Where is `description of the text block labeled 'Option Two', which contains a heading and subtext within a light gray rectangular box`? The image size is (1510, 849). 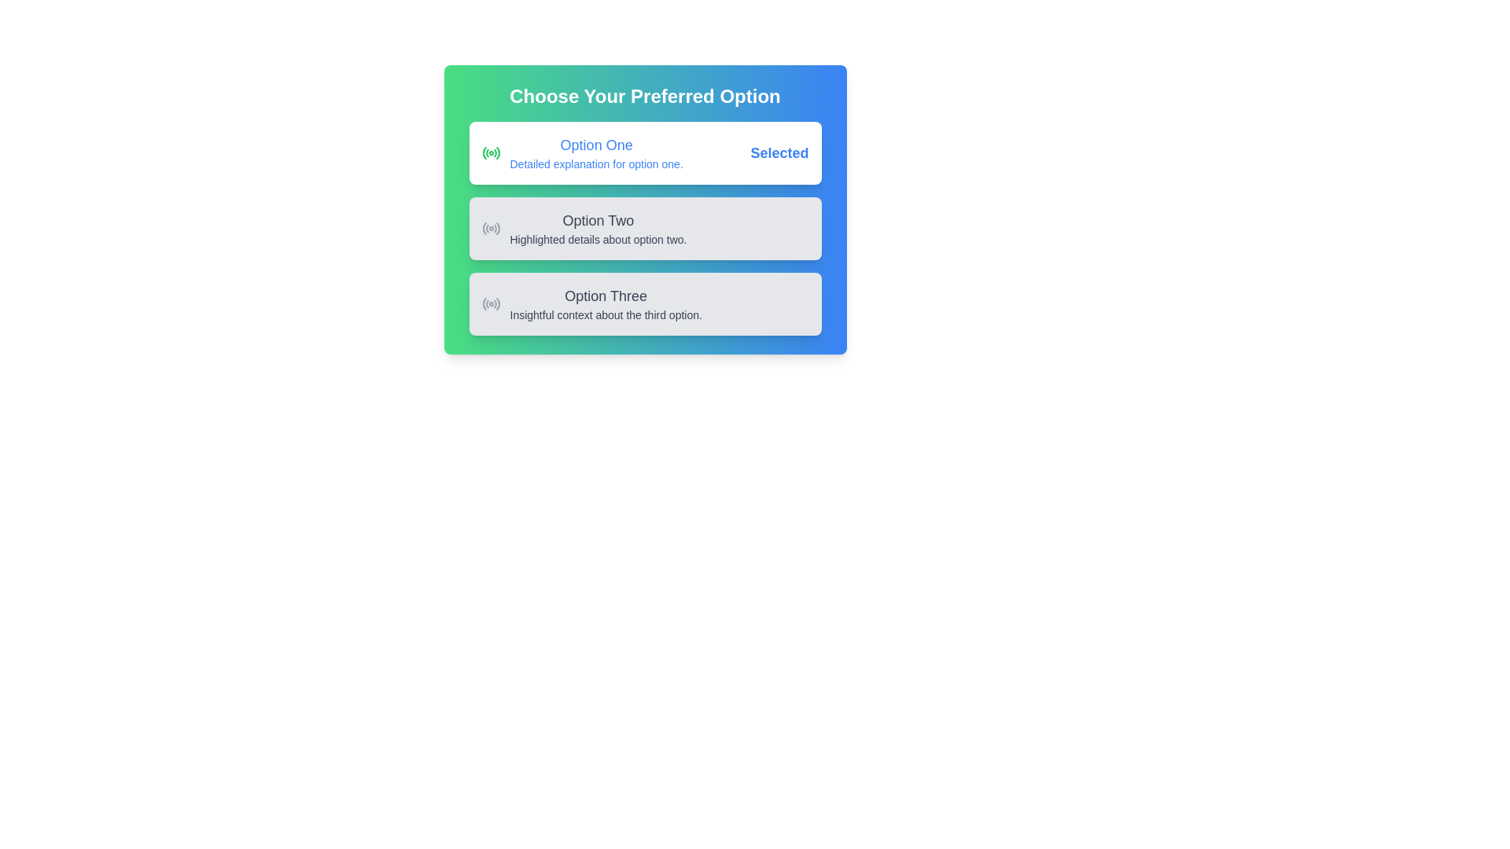
description of the text block labeled 'Option Two', which contains a heading and subtext within a light gray rectangular box is located at coordinates (597, 228).